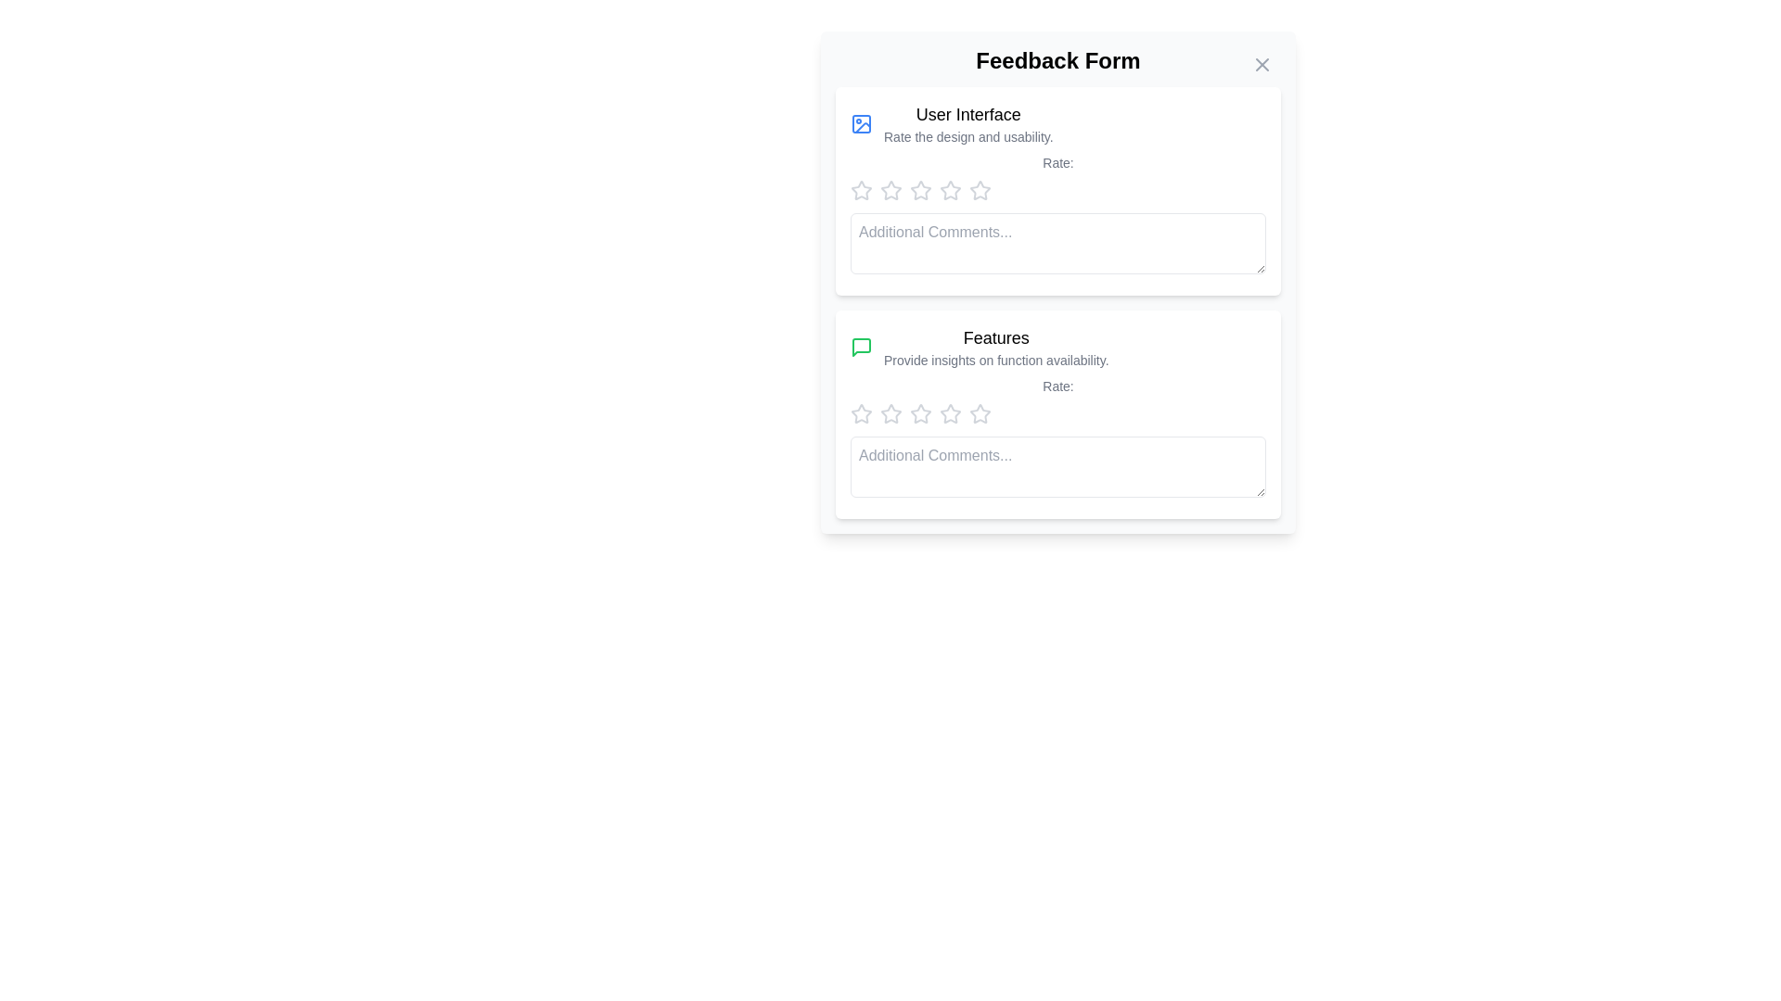 Image resolution: width=1781 pixels, height=1001 pixels. Describe the element at coordinates (979, 413) in the screenshot. I see `the fifth star-shaped rating icon in the 'Features' section of the feedback form, which changes color to yellow on hover` at that location.